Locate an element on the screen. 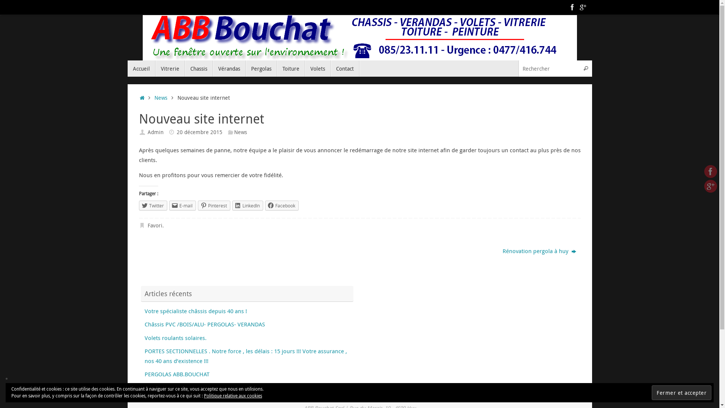 This screenshot has width=725, height=408. 'Twitter' is located at coordinates (153, 205).